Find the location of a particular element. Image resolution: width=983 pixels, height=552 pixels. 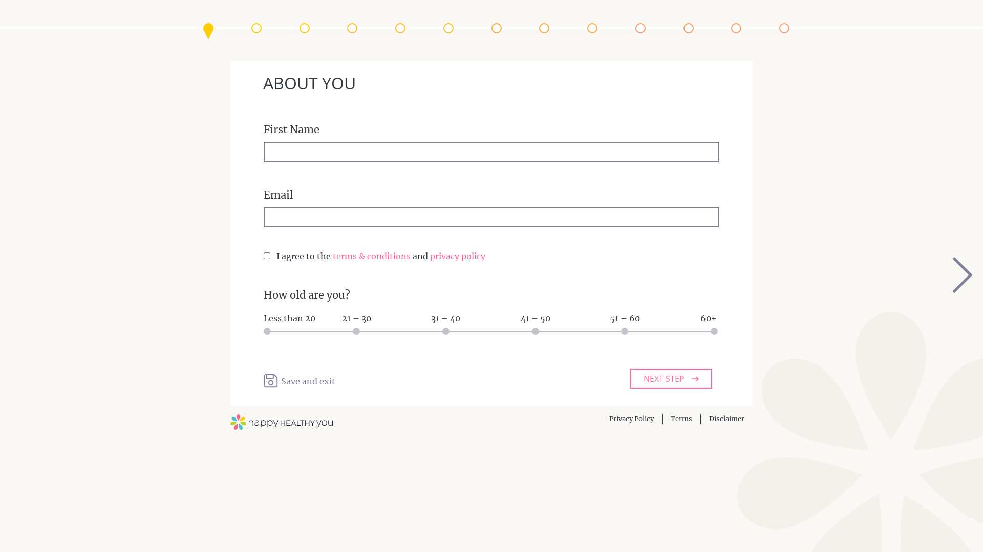

'privacy policy' is located at coordinates (457, 256).